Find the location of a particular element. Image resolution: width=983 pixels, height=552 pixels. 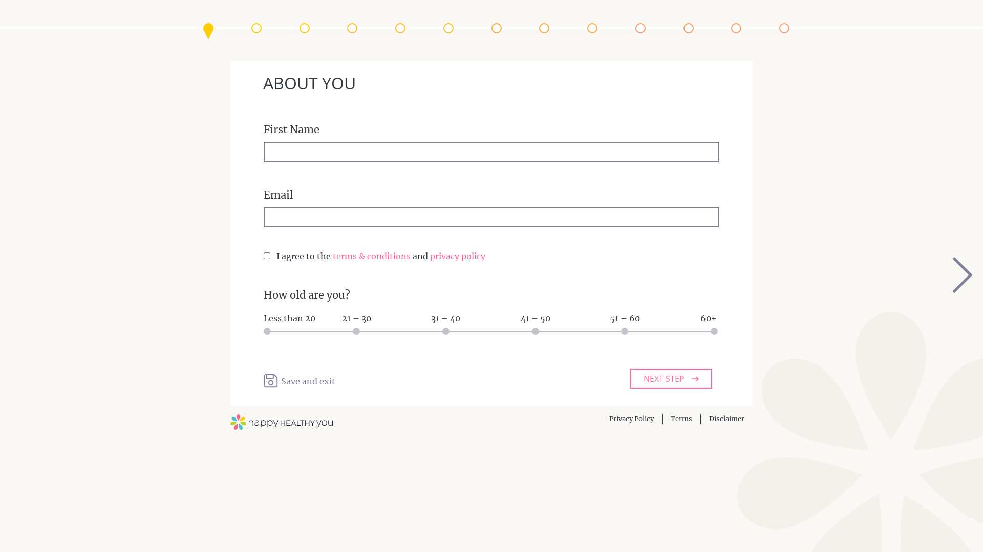

'privacy policy' is located at coordinates (457, 256).